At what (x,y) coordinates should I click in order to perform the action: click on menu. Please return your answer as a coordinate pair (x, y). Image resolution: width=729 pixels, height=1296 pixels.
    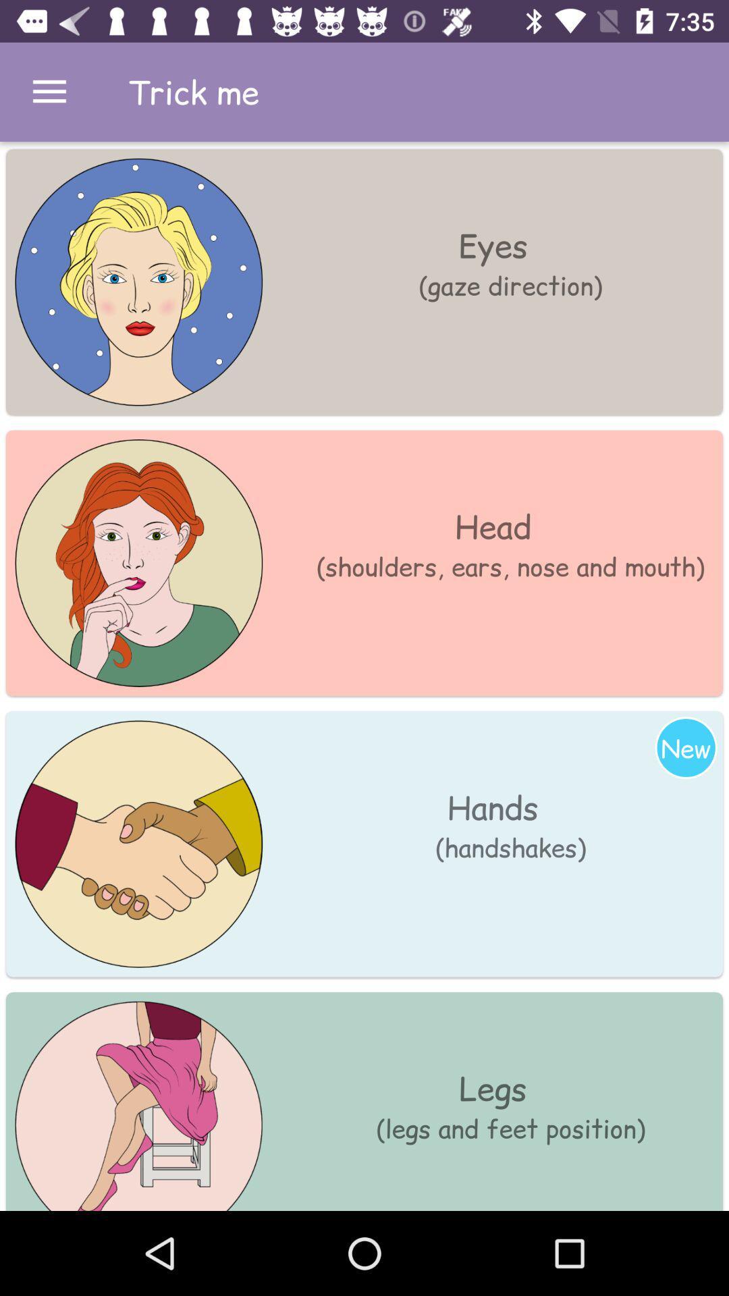
    Looking at the image, I should click on (49, 91).